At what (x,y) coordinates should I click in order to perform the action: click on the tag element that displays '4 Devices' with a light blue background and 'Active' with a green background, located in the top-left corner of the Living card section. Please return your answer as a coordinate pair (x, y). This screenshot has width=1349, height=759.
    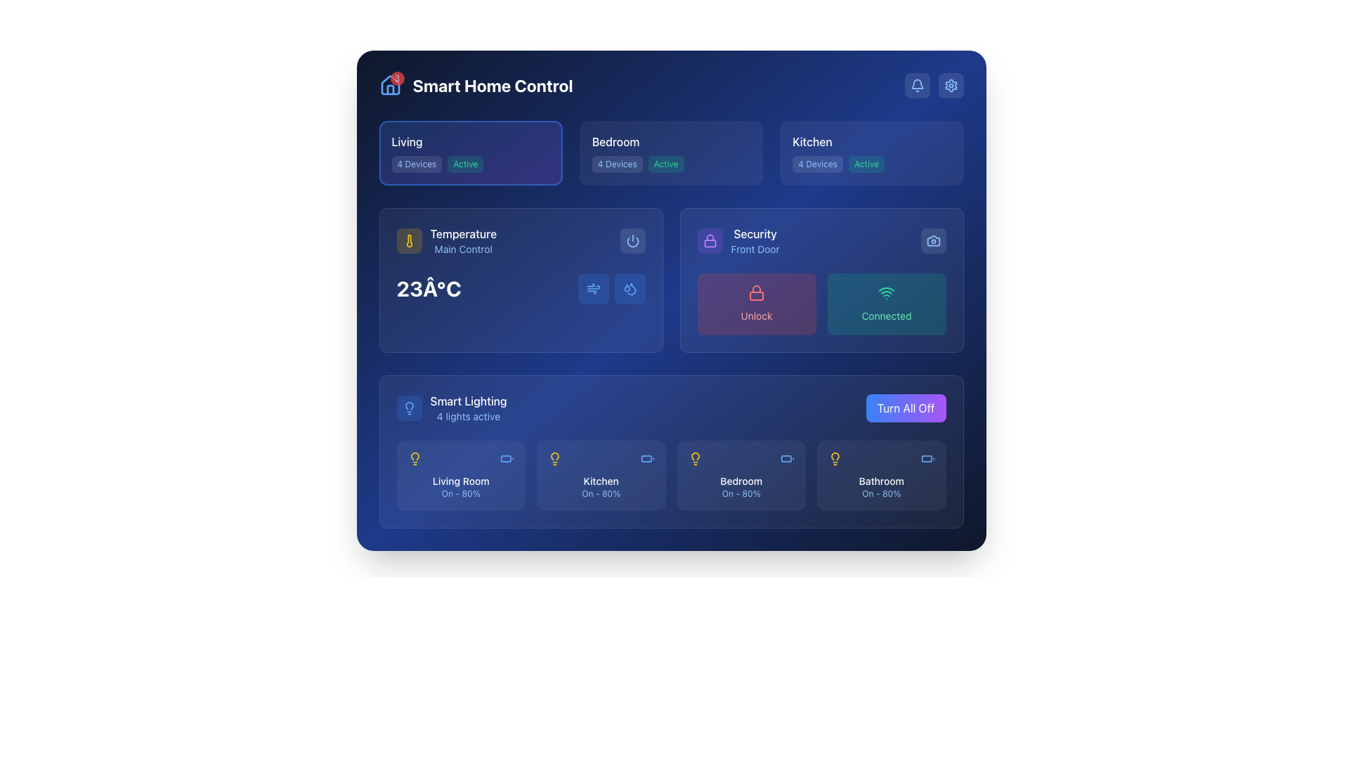
    Looking at the image, I should click on (471, 164).